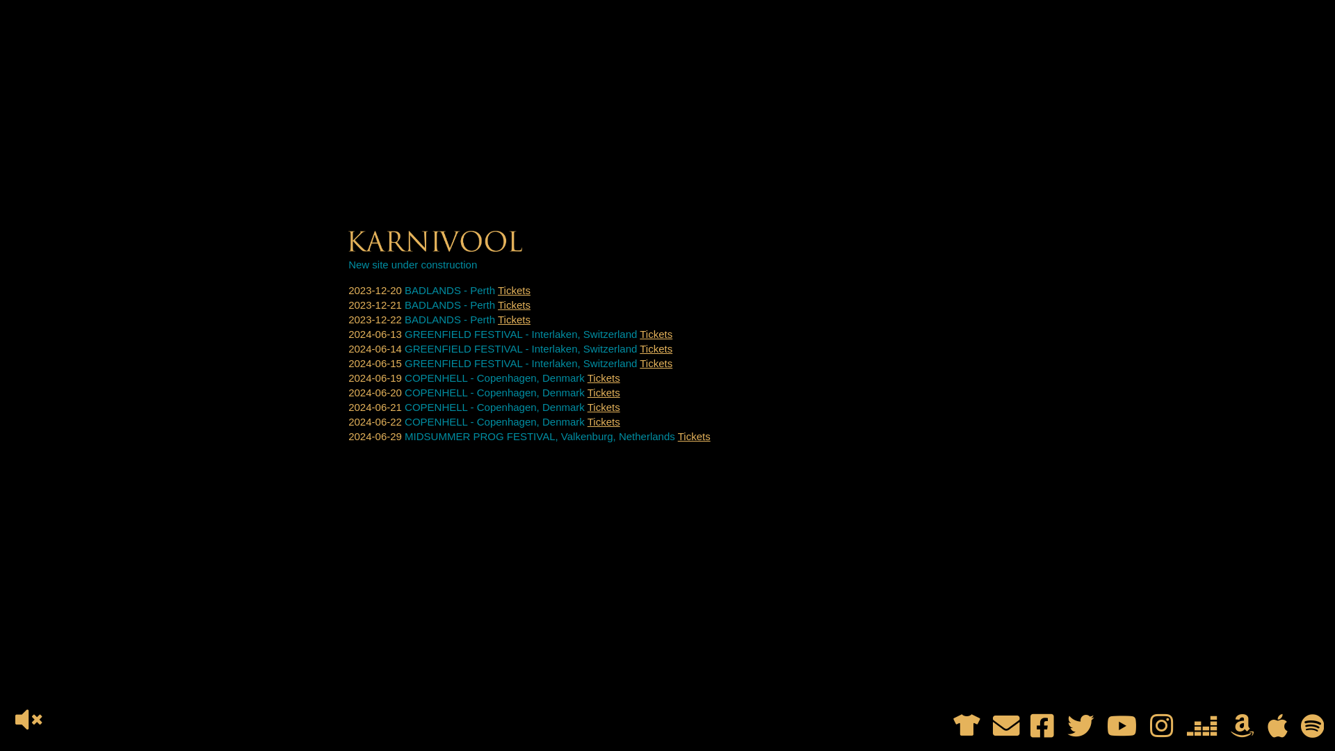  What do you see at coordinates (513, 319) in the screenshot?
I see `'Tickets'` at bounding box center [513, 319].